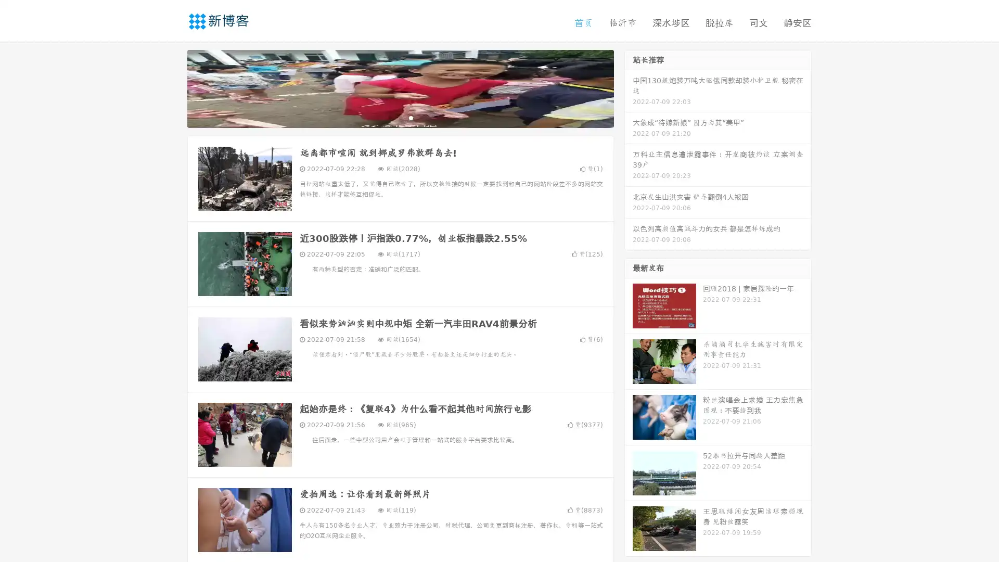 The width and height of the screenshot is (999, 562). What do you see at coordinates (172, 87) in the screenshot?
I see `Previous slide` at bounding box center [172, 87].